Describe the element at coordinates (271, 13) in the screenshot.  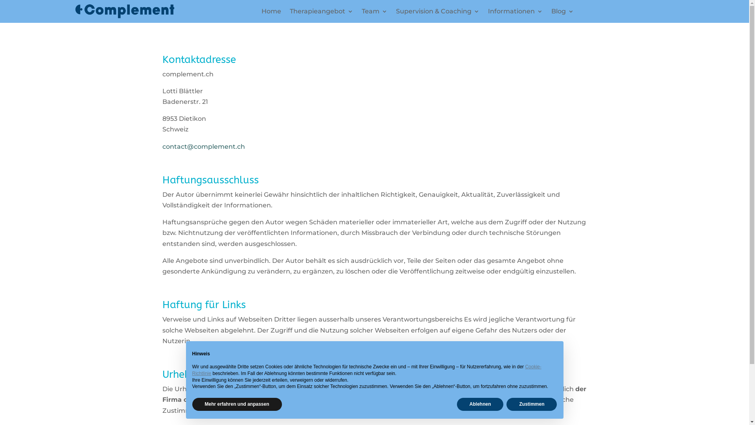
I see `'Home'` at that location.